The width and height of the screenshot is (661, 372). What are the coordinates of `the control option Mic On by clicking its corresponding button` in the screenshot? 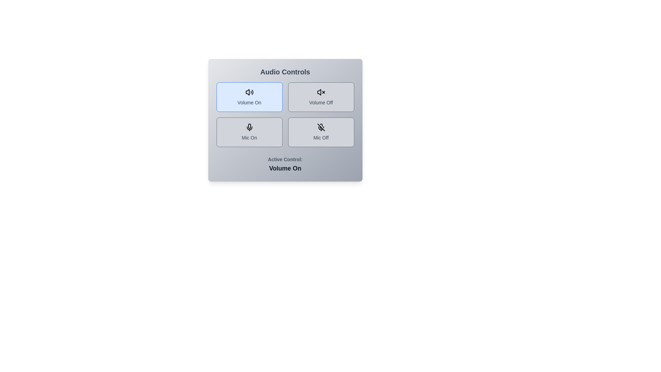 It's located at (249, 132).